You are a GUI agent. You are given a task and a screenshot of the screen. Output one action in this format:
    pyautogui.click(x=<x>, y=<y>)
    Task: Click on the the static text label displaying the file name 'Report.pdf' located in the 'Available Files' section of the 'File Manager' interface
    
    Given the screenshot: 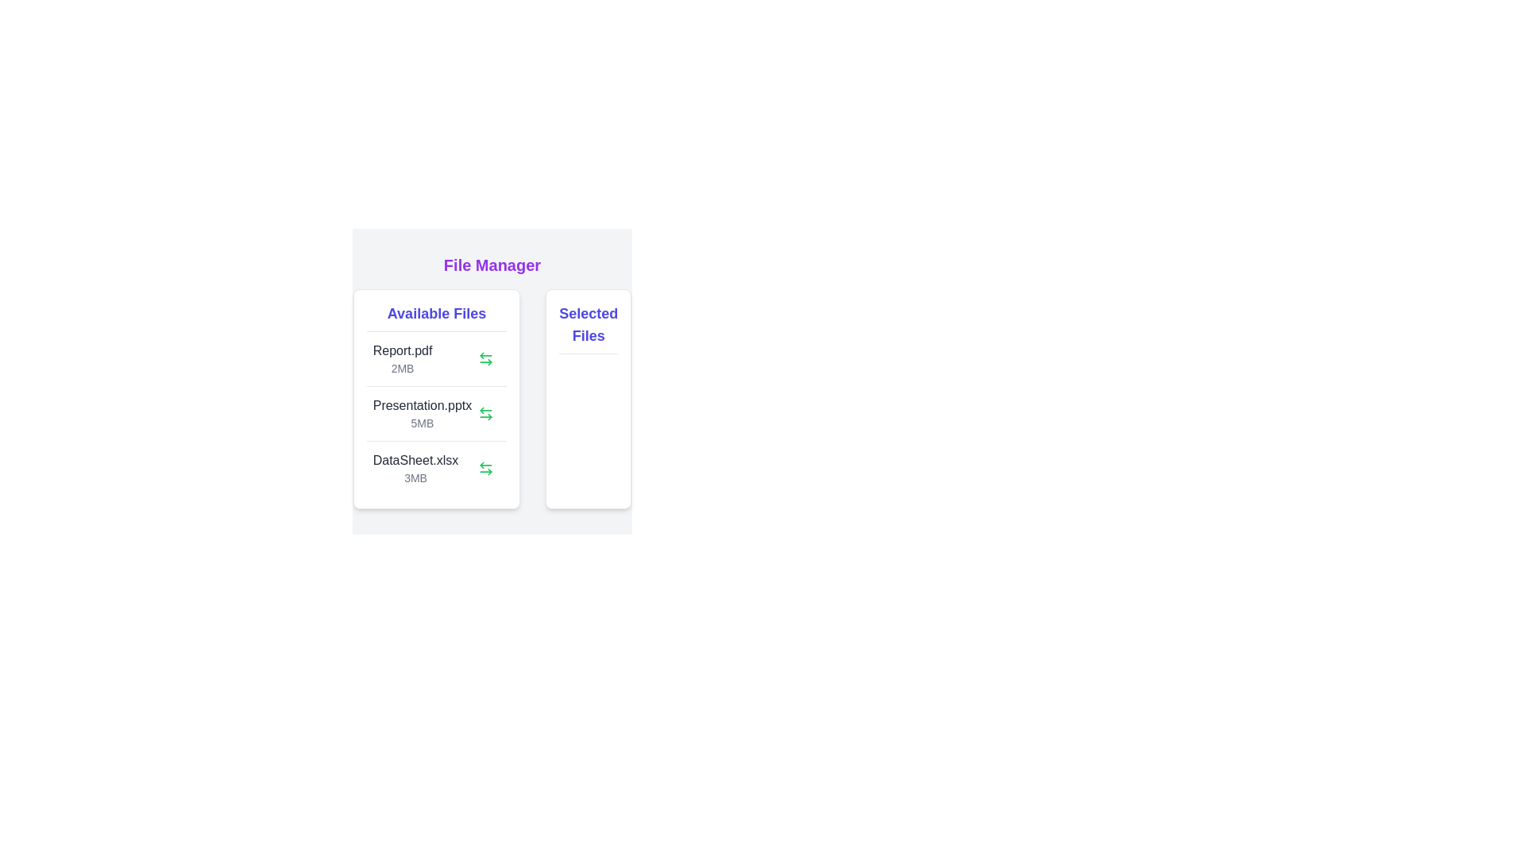 What is the action you would take?
    pyautogui.click(x=403, y=350)
    